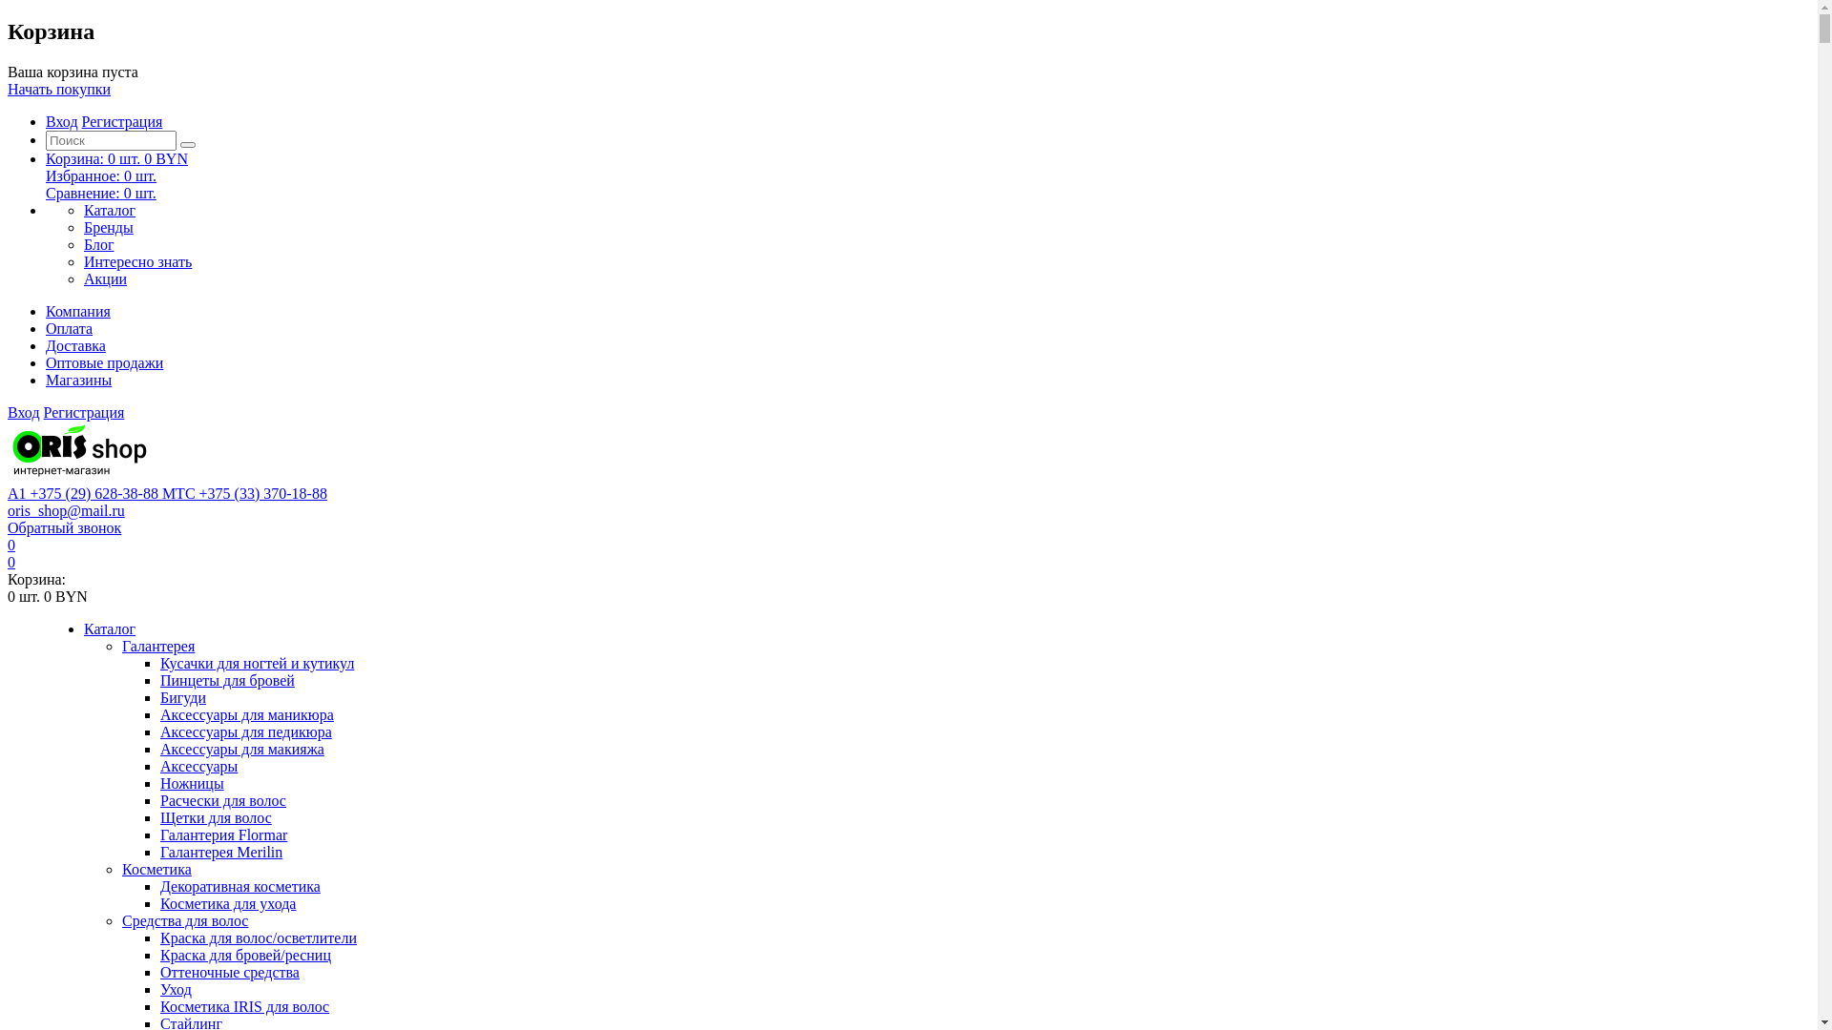 The image size is (1832, 1030). I want to click on 'oris_shop@mail.ru', so click(66, 509).